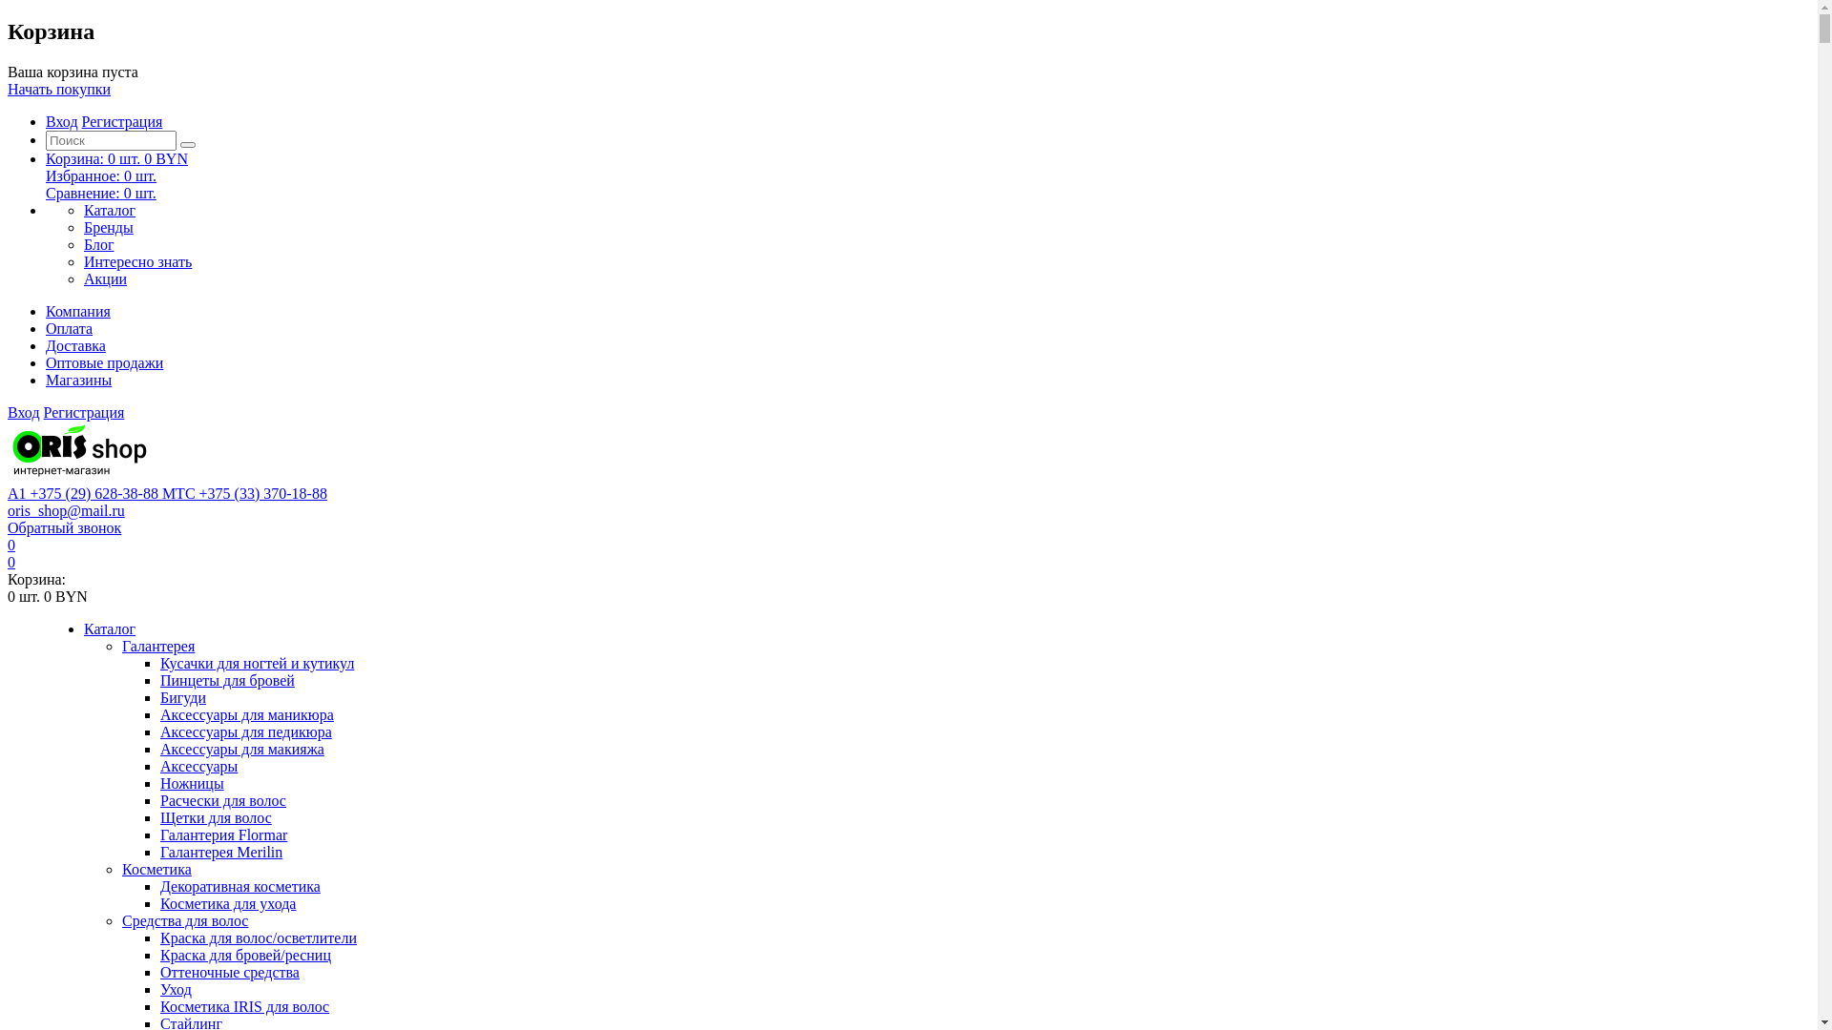 The image size is (1832, 1030). I want to click on 'oris_shop@mail.ru', so click(66, 509).